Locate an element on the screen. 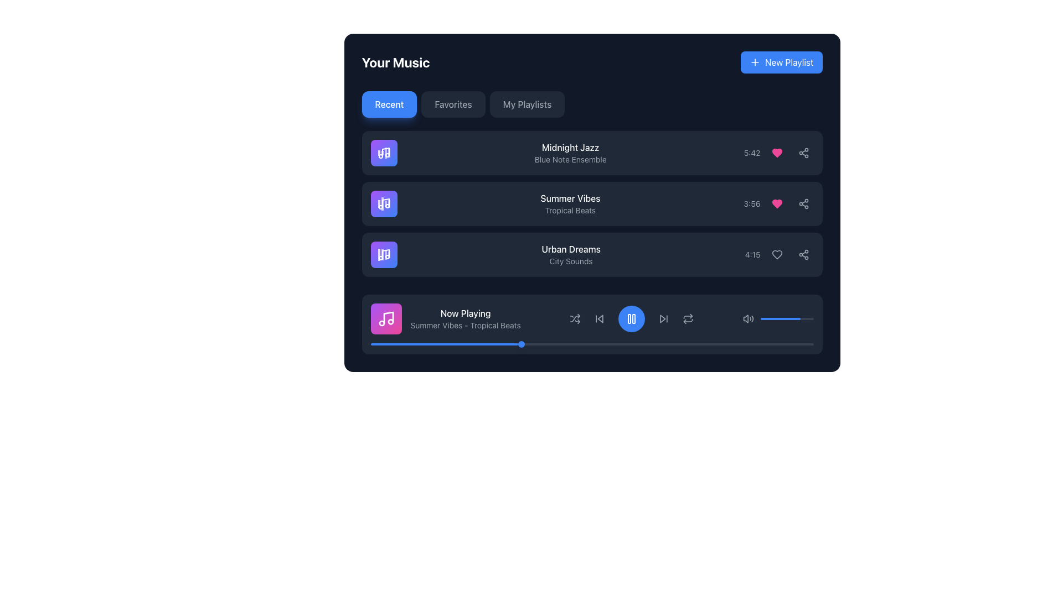 The width and height of the screenshot is (1063, 597). the favorite button located in the third row of the playlist section, positioned to the right of the duration text '4:15' and to the left of the share icon is located at coordinates (776, 255).